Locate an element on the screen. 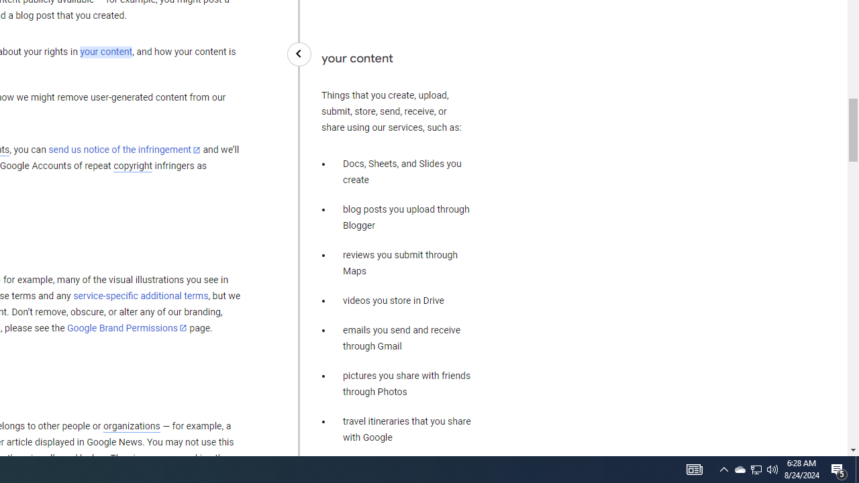 This screenshot has height=483, width=859. 'copyright' is located at coordinates (133, 166).